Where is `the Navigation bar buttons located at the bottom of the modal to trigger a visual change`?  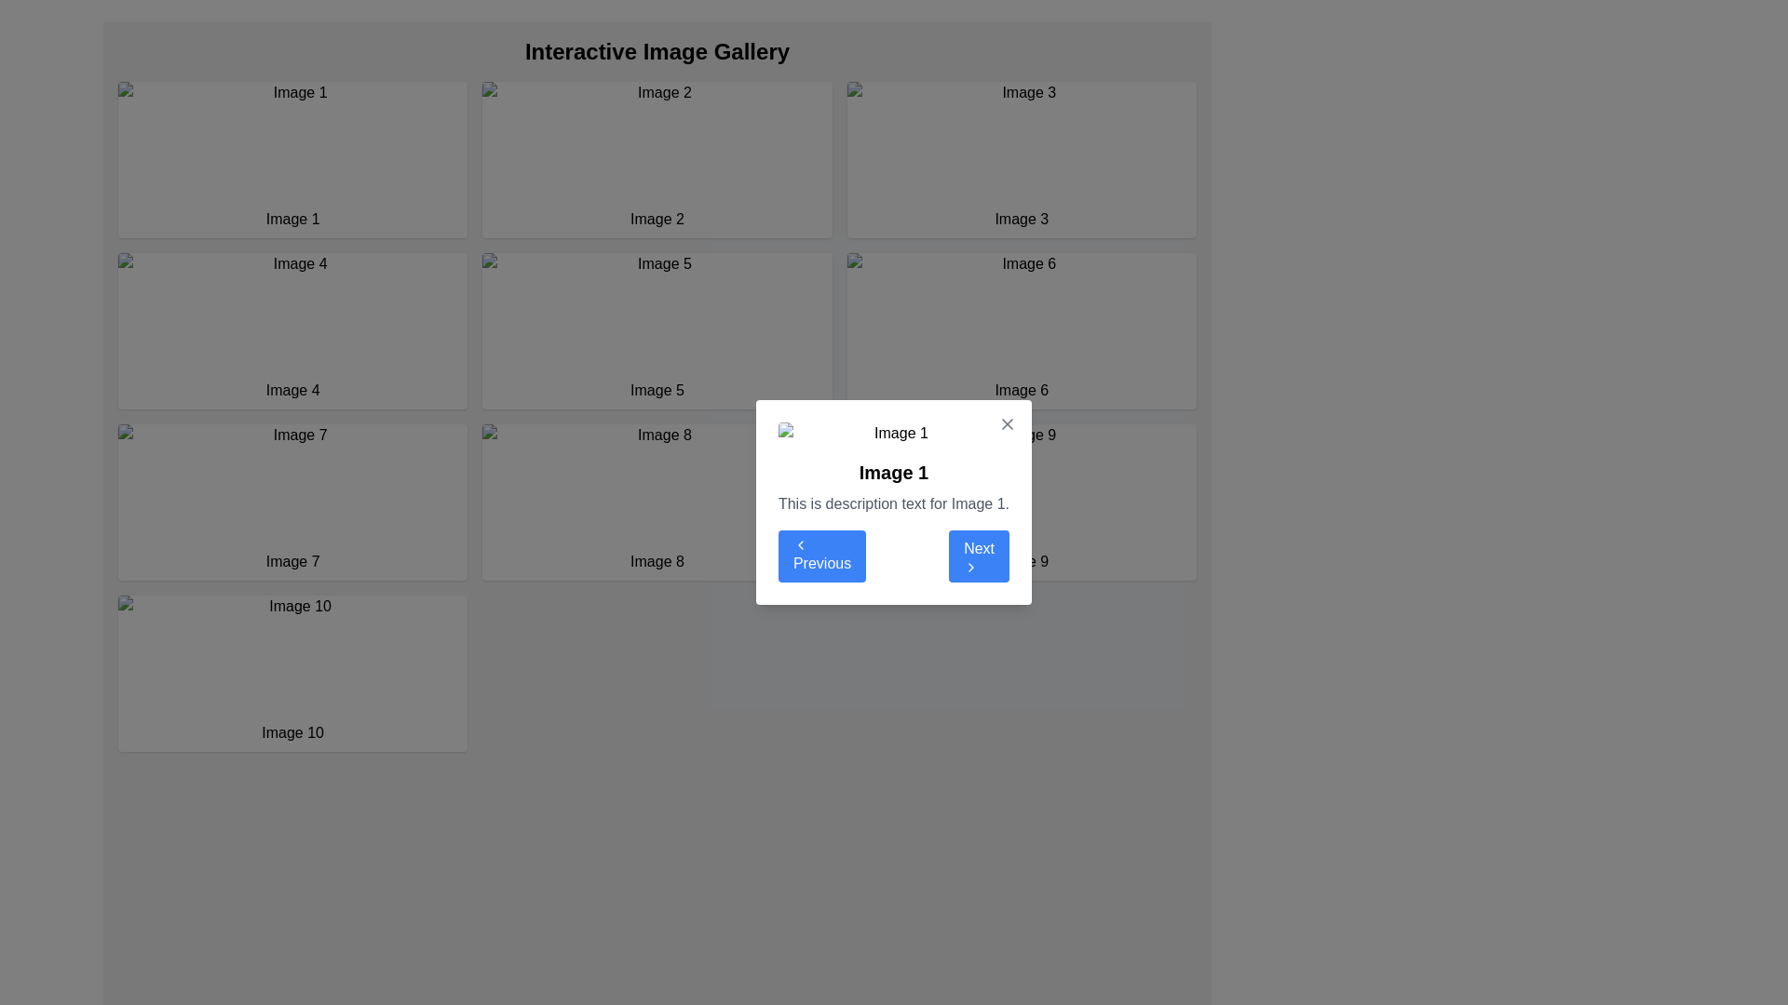 the Navigation bar buttons located at the bottom of the modal to trigger a visual change is located at coordinates (894, 555).